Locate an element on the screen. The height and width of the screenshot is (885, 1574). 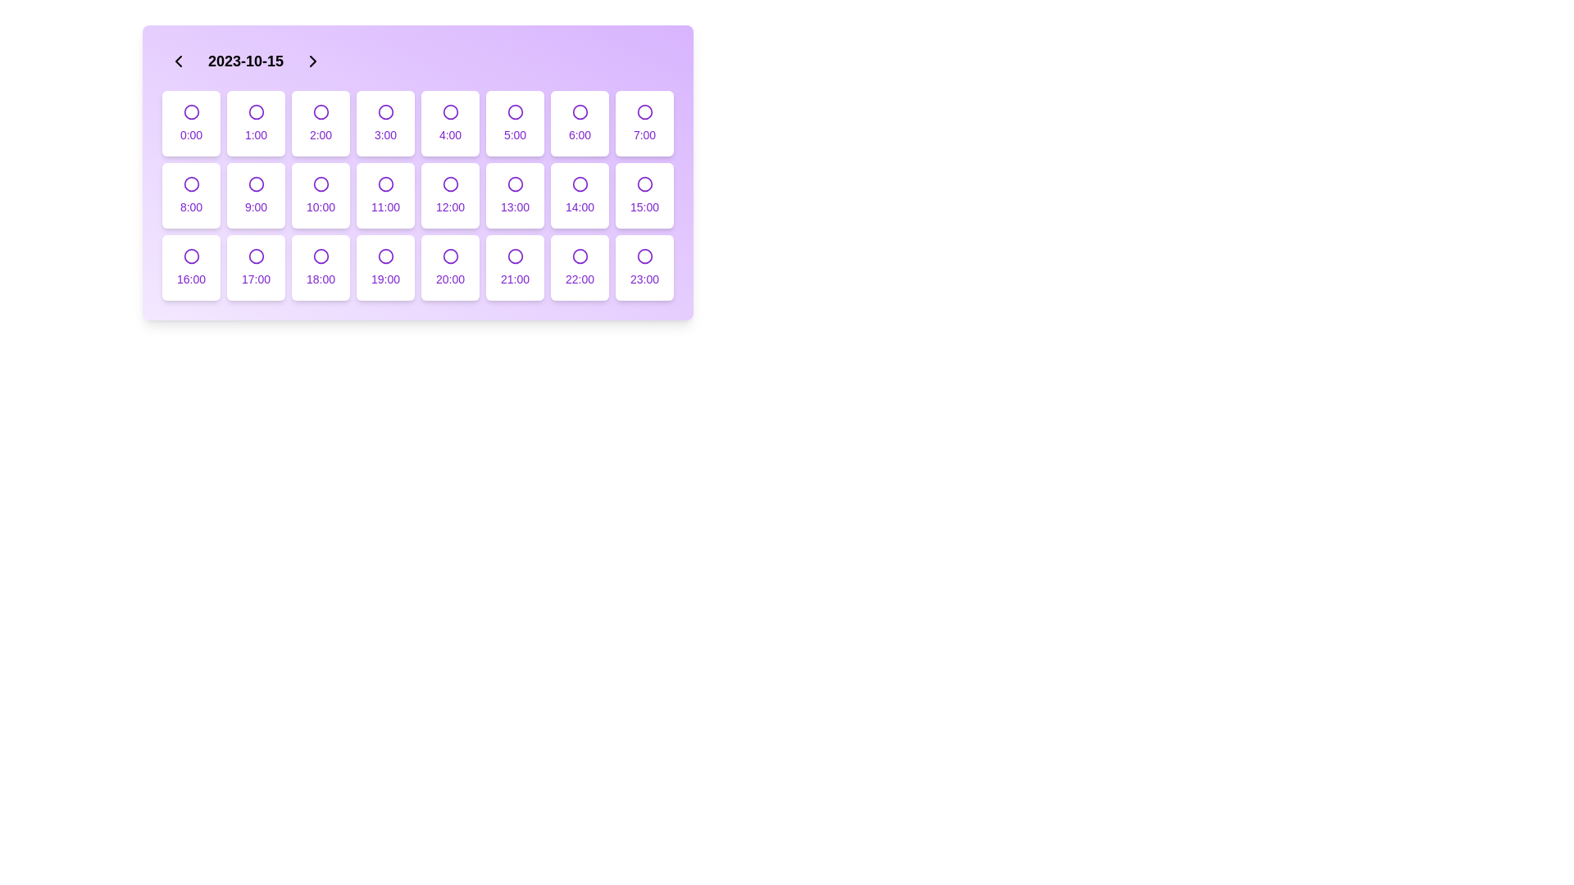
the button labeled '0:00' in the grid layout for selecting time slots on the date '2023-10-15' is located at coordinates (191, 122).